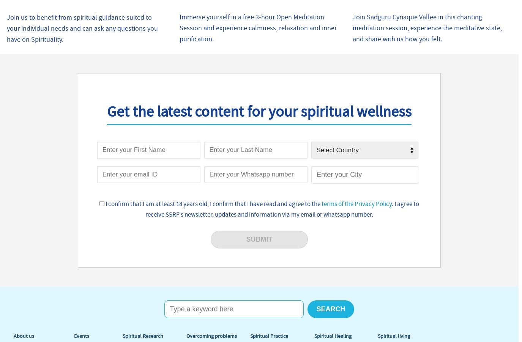 The image size is (522, 342). Describe the element at coordinates (122, 336) in the screenshot. I see `'Spiritual Research'` at that location.